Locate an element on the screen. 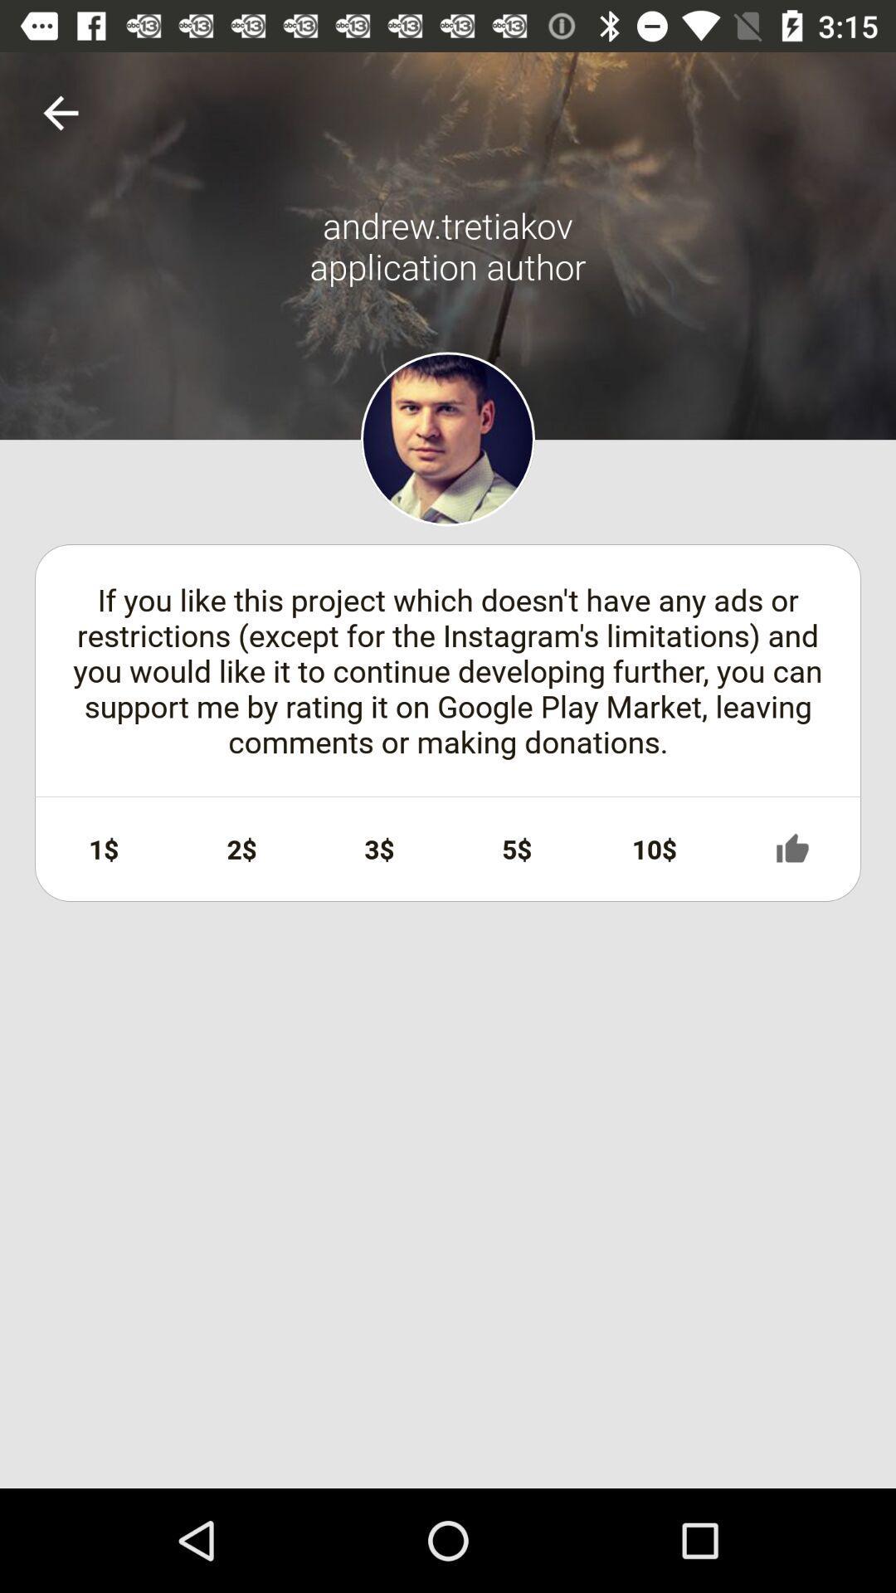  item above if you like is located at coordinates (60, 112).